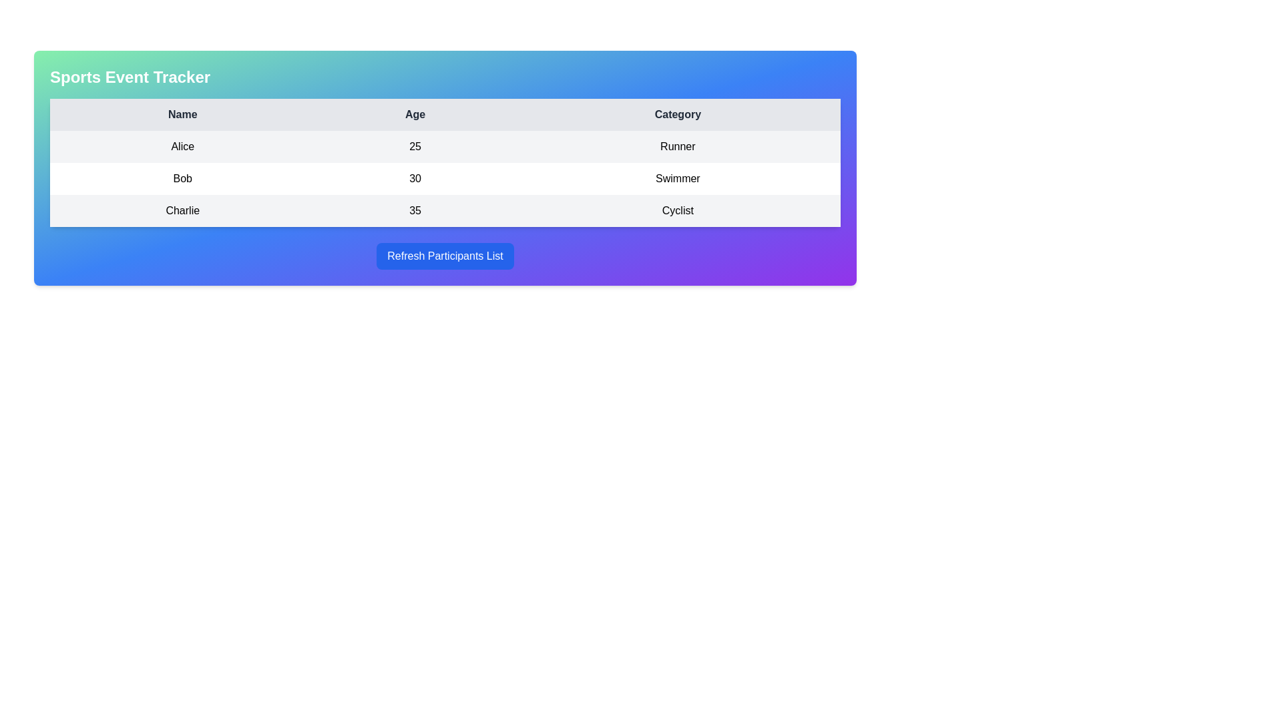 The width and height of the screenshot is (1282, 721). I want to click on the 'Category' text label which is styled with dark text on a light gray background, located in the third column of the header row of the table, so click(678, 114).